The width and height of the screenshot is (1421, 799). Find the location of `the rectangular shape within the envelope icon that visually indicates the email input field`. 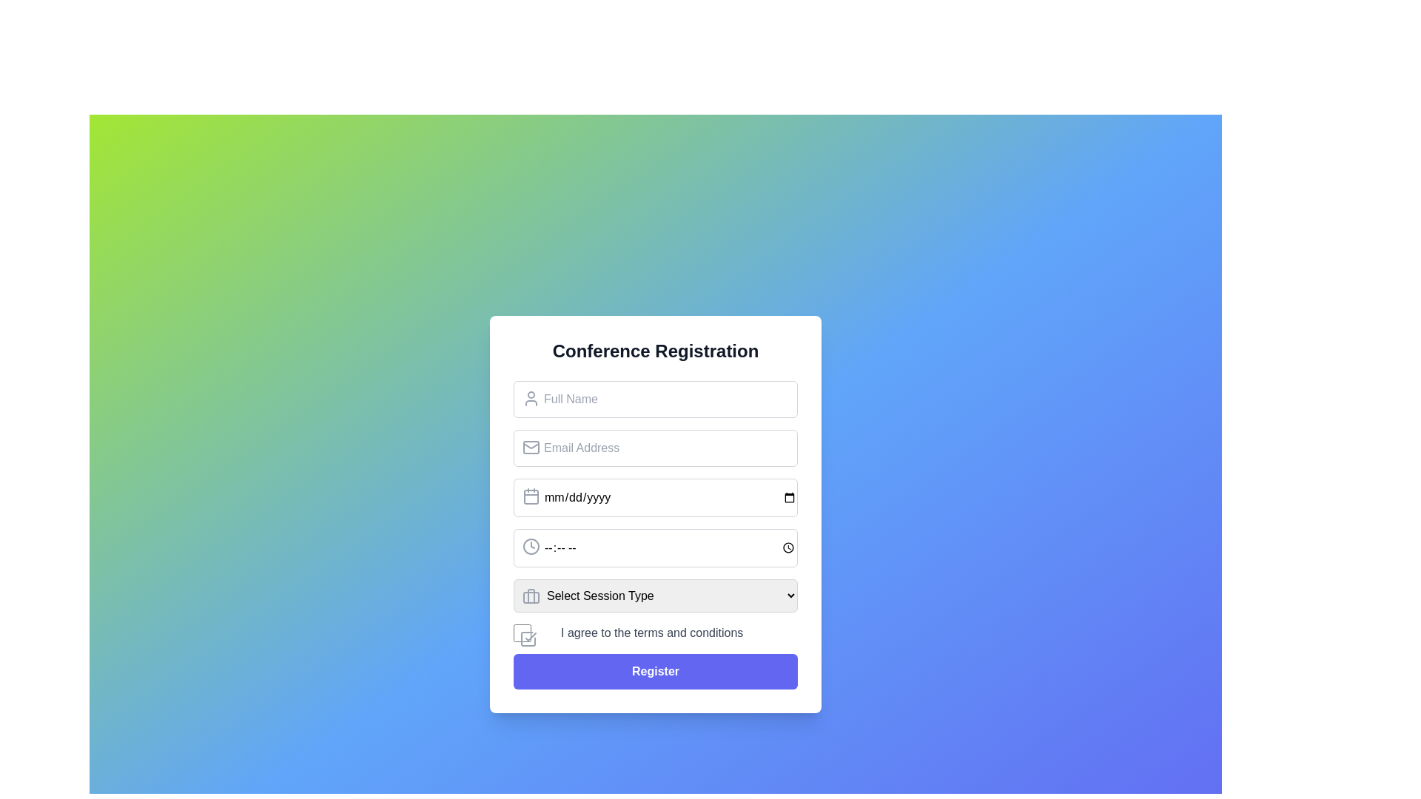

the rectangular shape within the envelope icon that visually indicates the email input field is located at coordinates (531, 446).